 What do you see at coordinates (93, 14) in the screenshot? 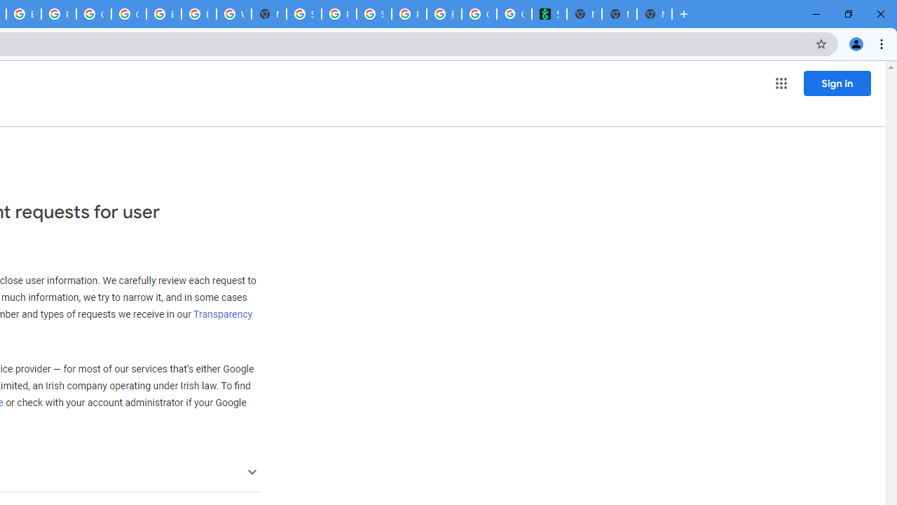
I see `'Google Cloud Platform'` at bounding box center [93, 14].